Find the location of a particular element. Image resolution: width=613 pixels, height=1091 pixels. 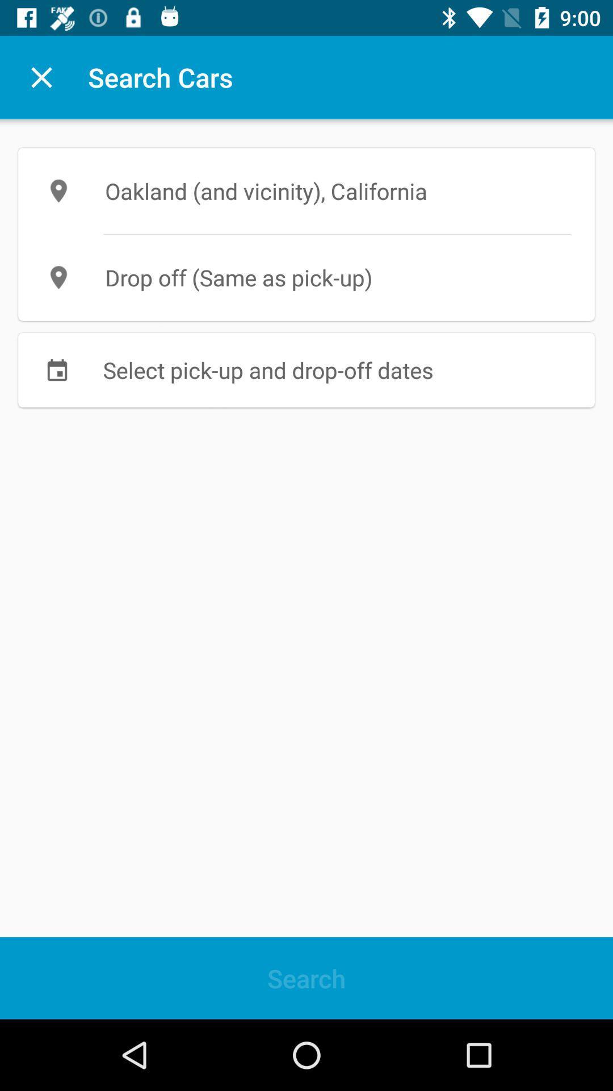

the icon next to search cars is located at coordinates (41, 77).